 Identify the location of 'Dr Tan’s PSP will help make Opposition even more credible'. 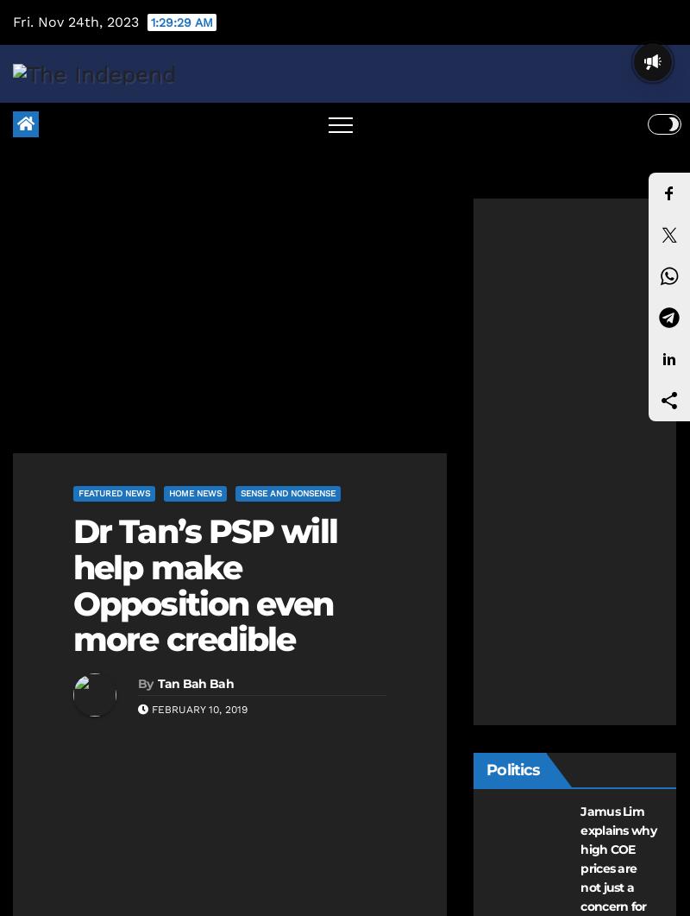
(72, 584).